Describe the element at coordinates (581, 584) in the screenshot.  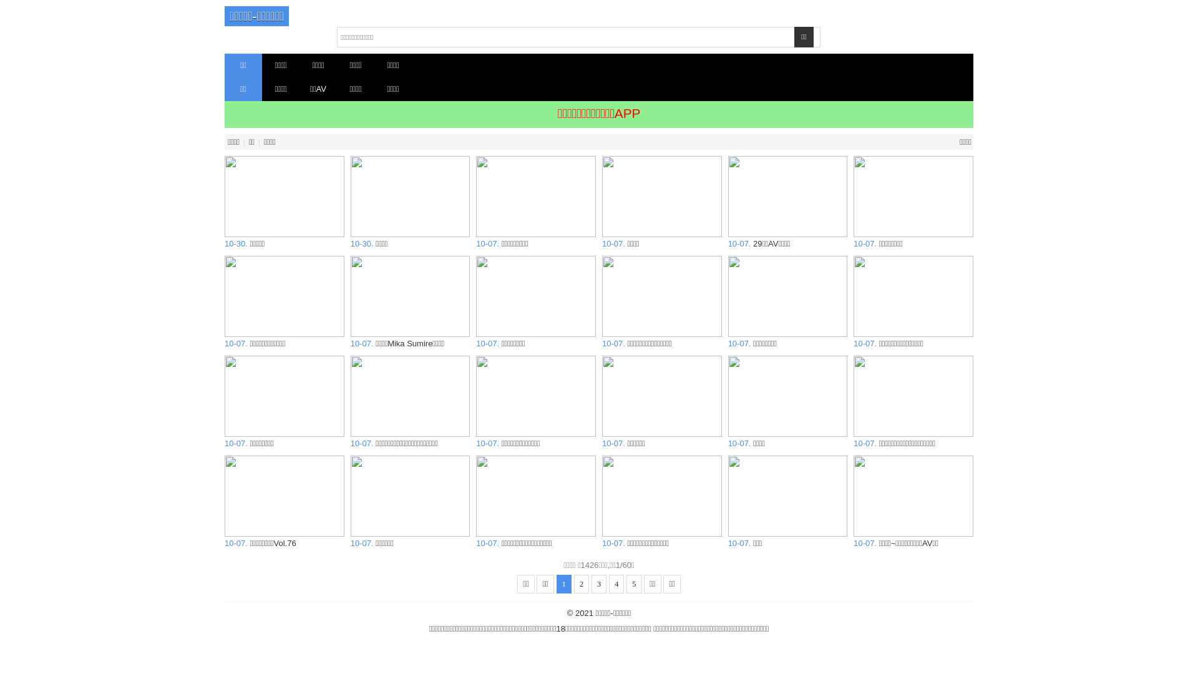
I see `'2'` at that location.